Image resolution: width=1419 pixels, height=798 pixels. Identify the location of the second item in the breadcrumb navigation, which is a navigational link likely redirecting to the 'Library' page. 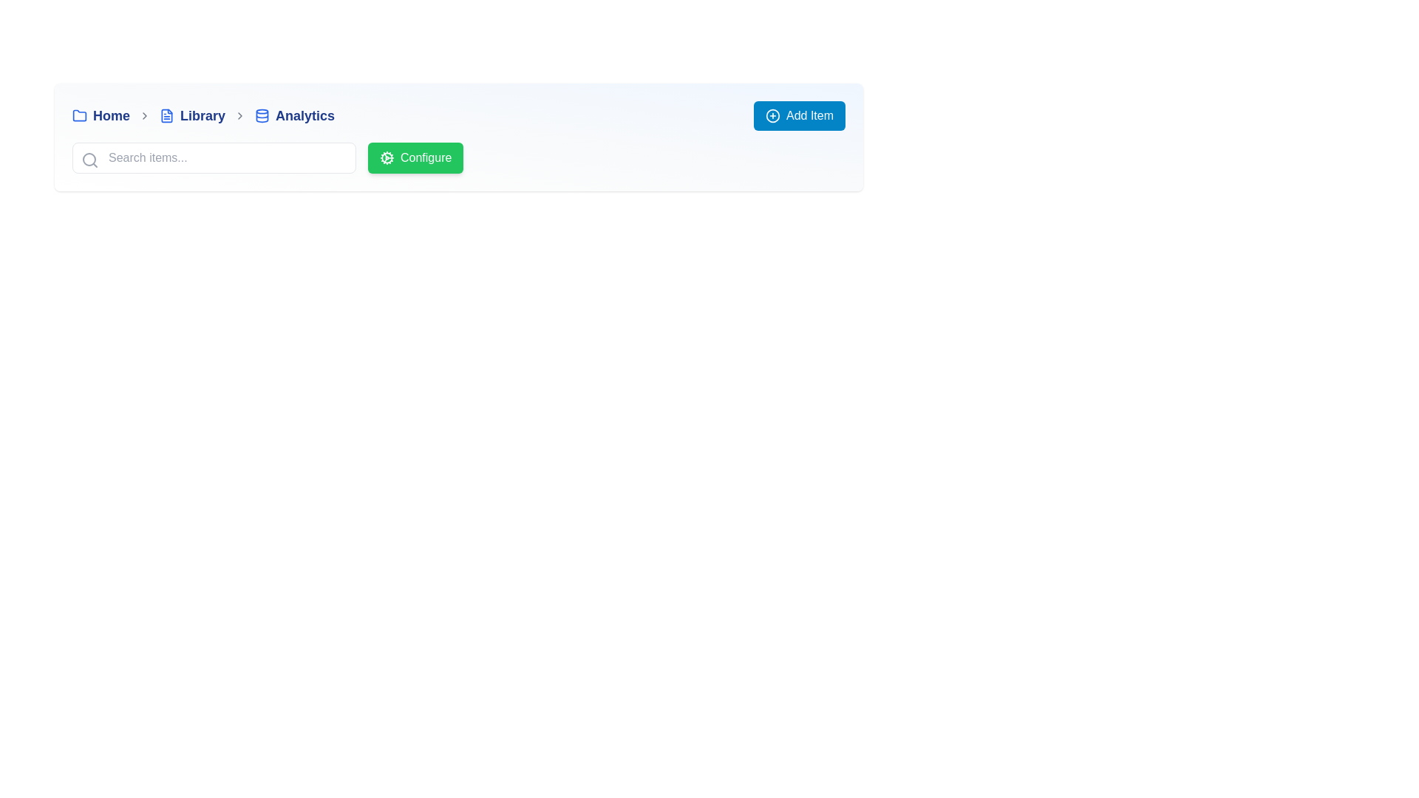
(191, 115).